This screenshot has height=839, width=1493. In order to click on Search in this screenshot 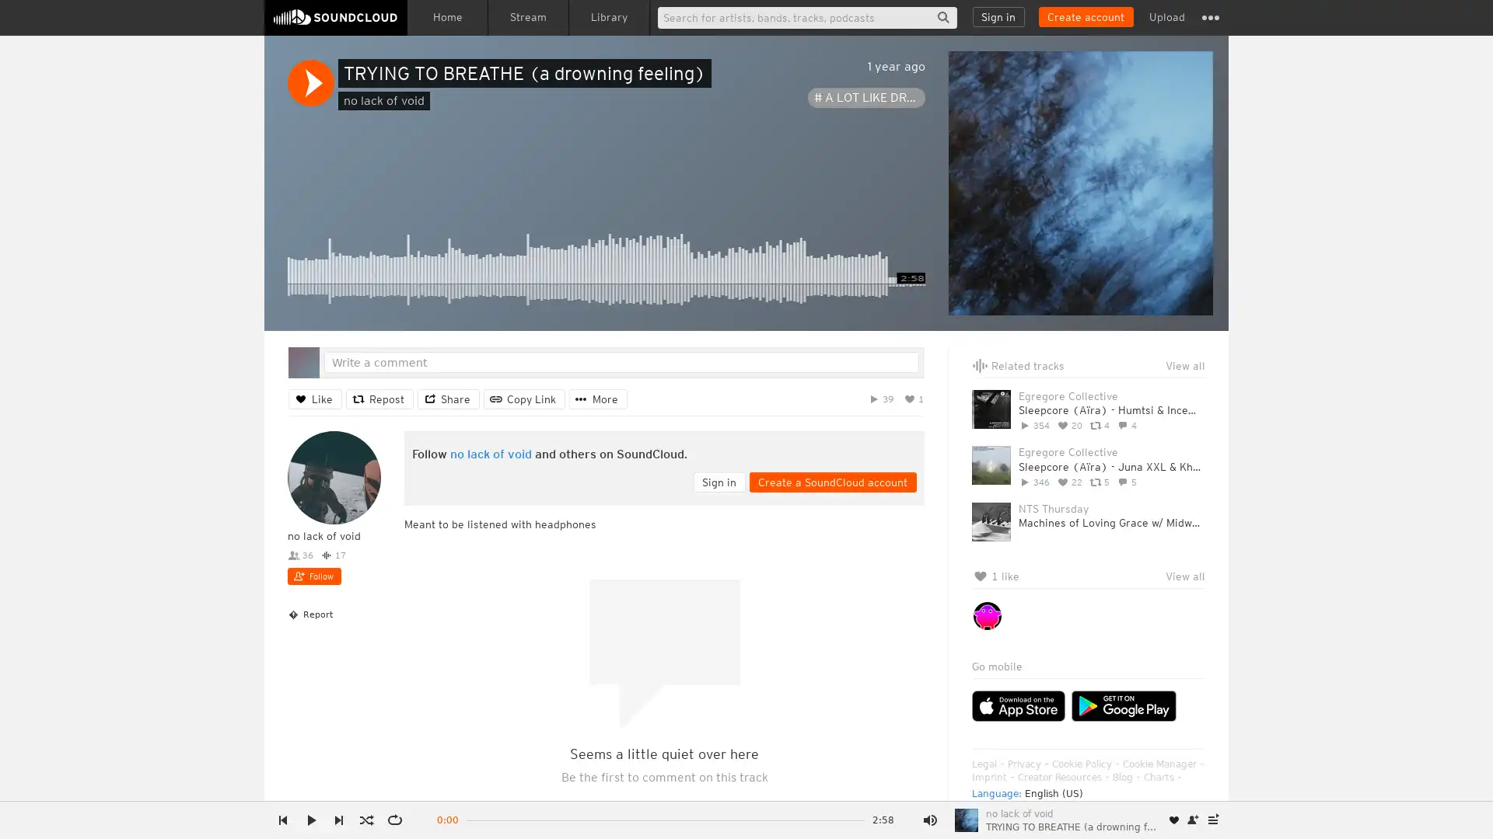, I will do `click(942, 17)`.